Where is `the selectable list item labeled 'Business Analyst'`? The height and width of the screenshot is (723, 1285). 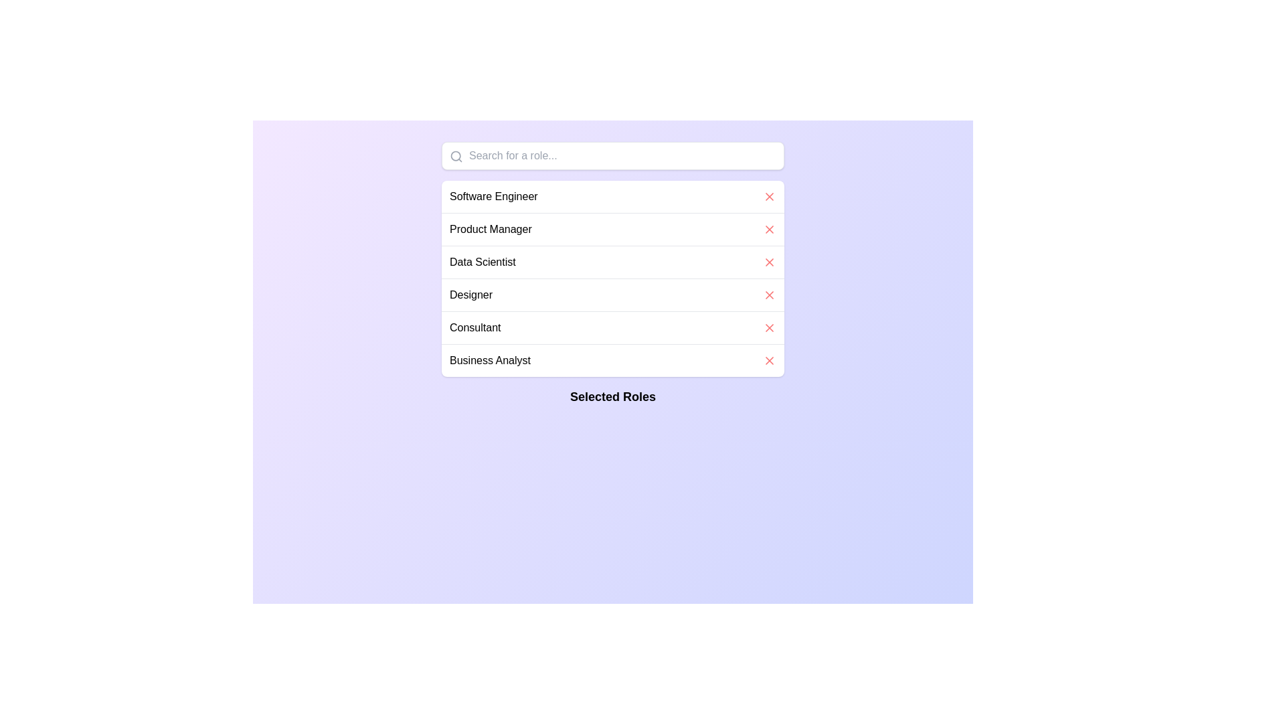
the selectable list item labeled 'Business Analyst' is located at coordinates (612, 359).